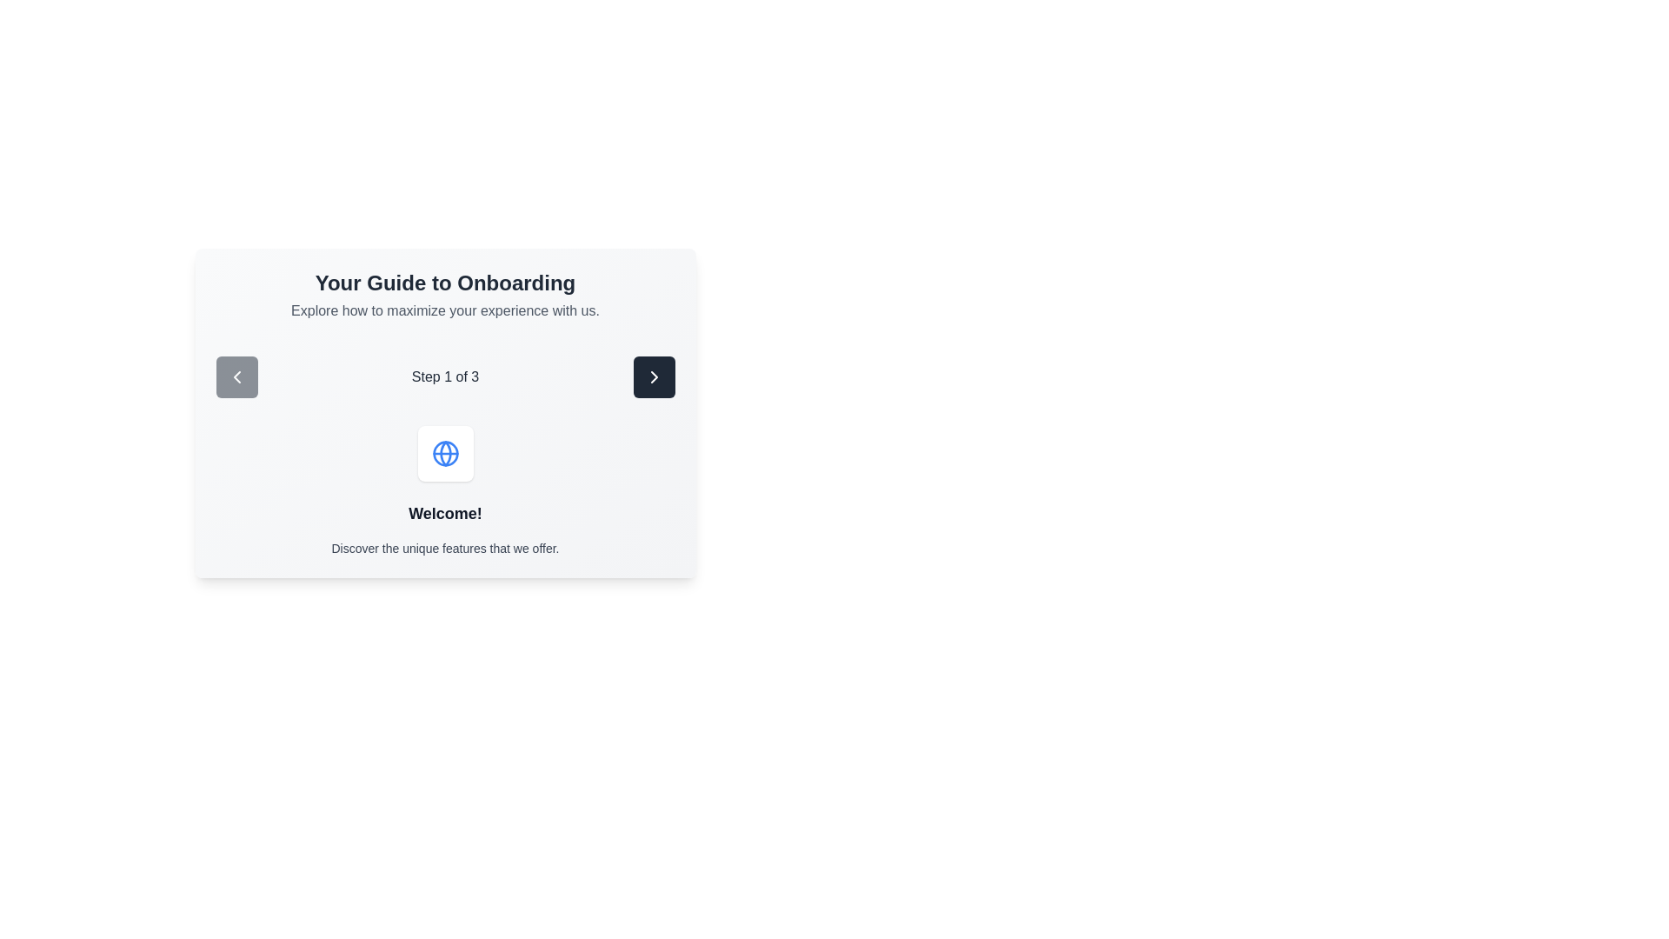 Image resolution: width=1669 pixels, height=939 pixels. What do you see at coordinates (445, 310) in the screenshot?
I see `the text element that reads 'Explore how to maximize your experience with us.', which is displayed in a smaller, gray font directly below the bold title 'Your Guide to Onboarding'` at bounding box center [445, 310].